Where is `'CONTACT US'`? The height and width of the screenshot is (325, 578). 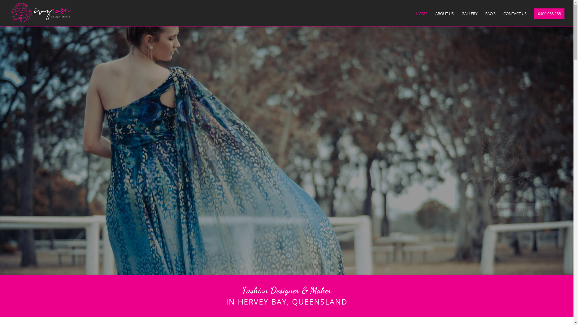 'CONTACT US' is located at coordinates (514, 17).